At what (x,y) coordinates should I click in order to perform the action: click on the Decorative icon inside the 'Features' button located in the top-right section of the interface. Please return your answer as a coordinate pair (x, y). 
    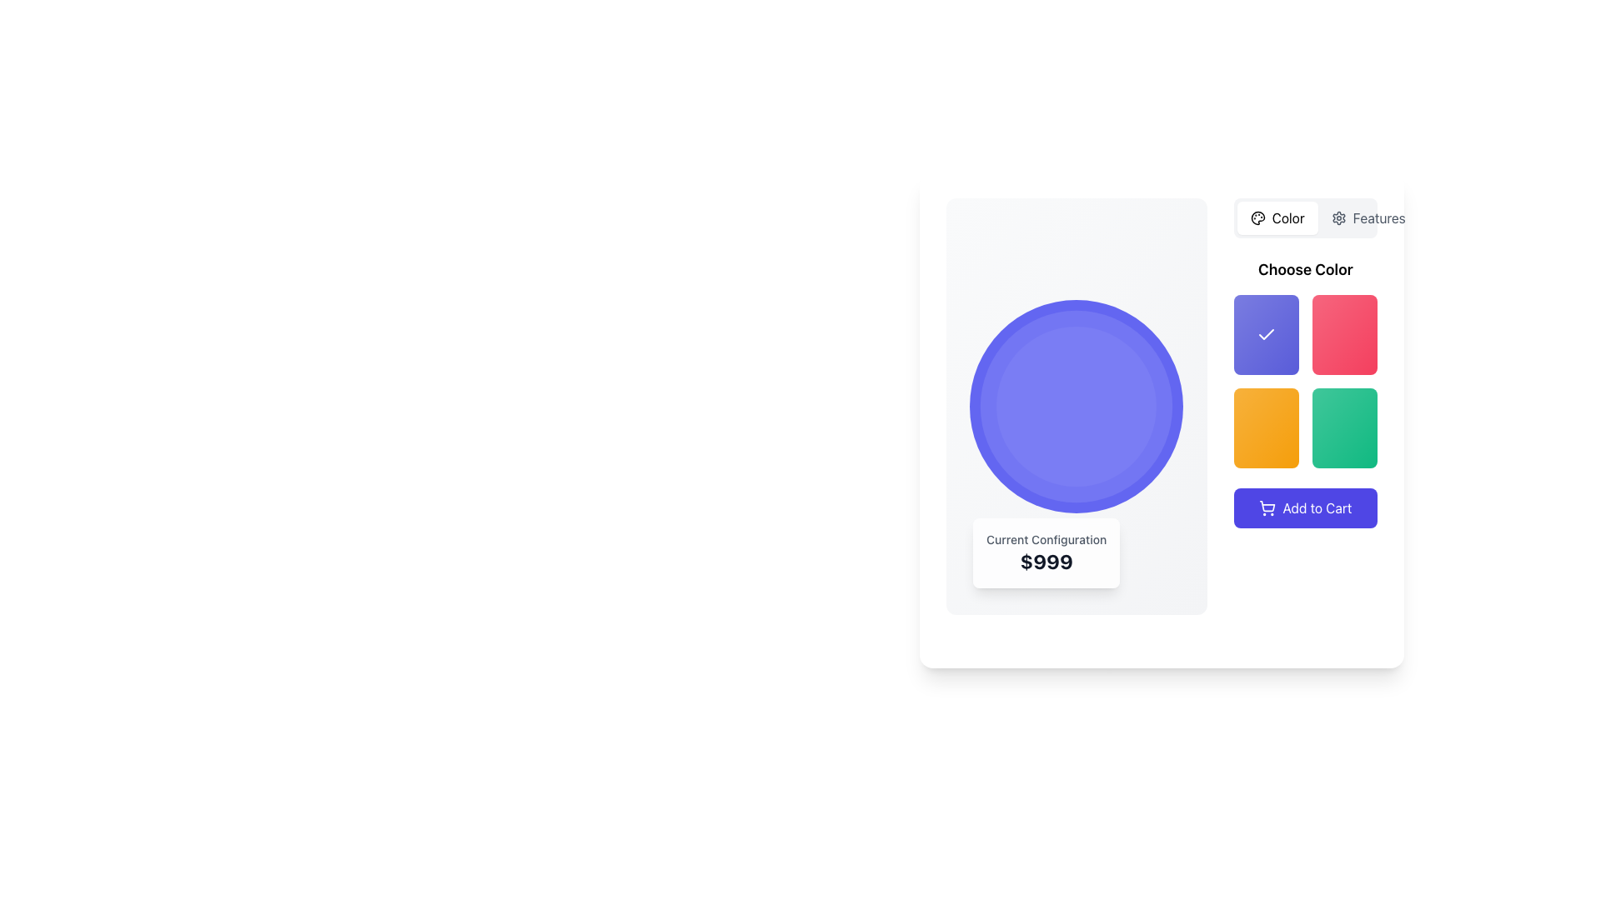
    Looking at the image, I should click on (1338, 217).